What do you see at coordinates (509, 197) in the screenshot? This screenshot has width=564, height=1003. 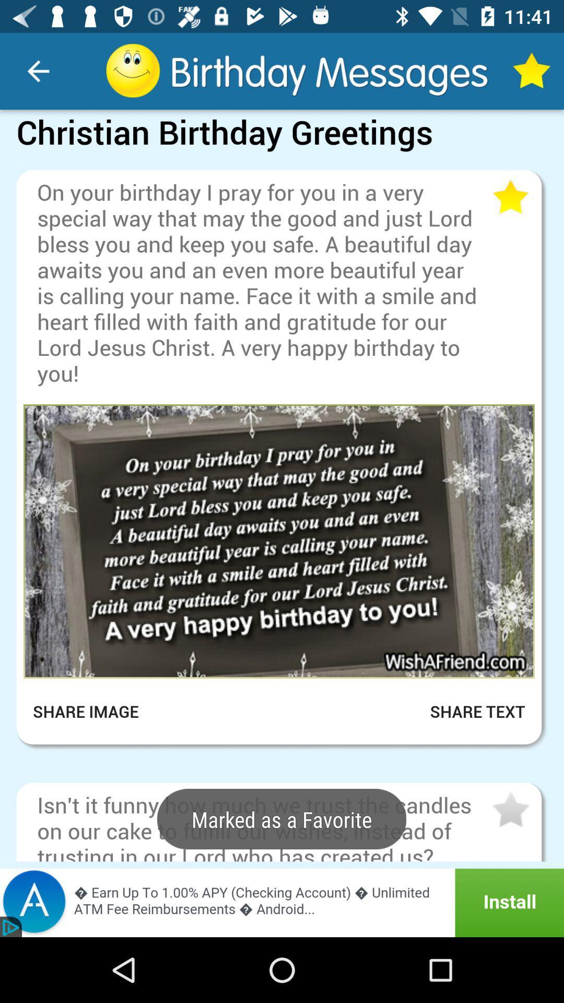 I see `set as favorite` at bounding box center [509, 197].